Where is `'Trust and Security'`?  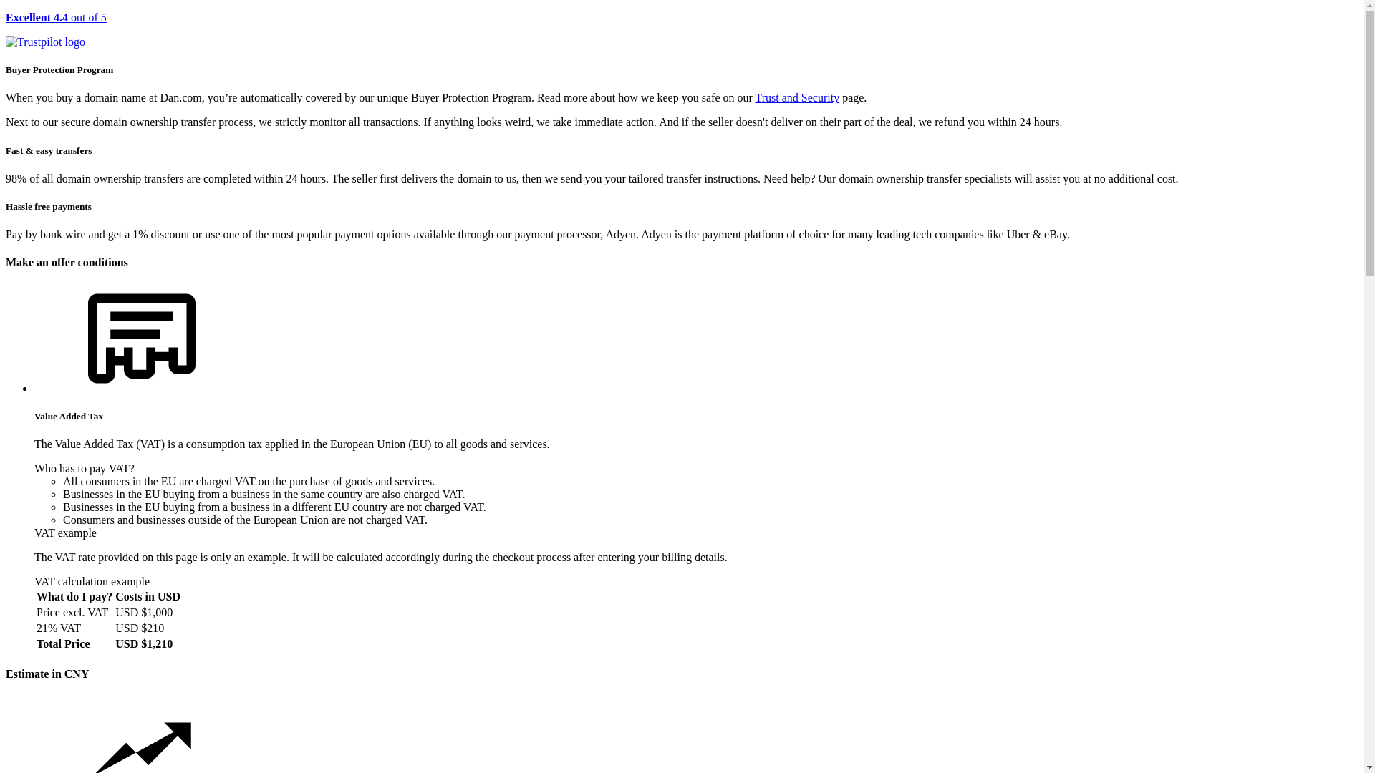
'Trust and Security' is located at coordinates (796, 97).